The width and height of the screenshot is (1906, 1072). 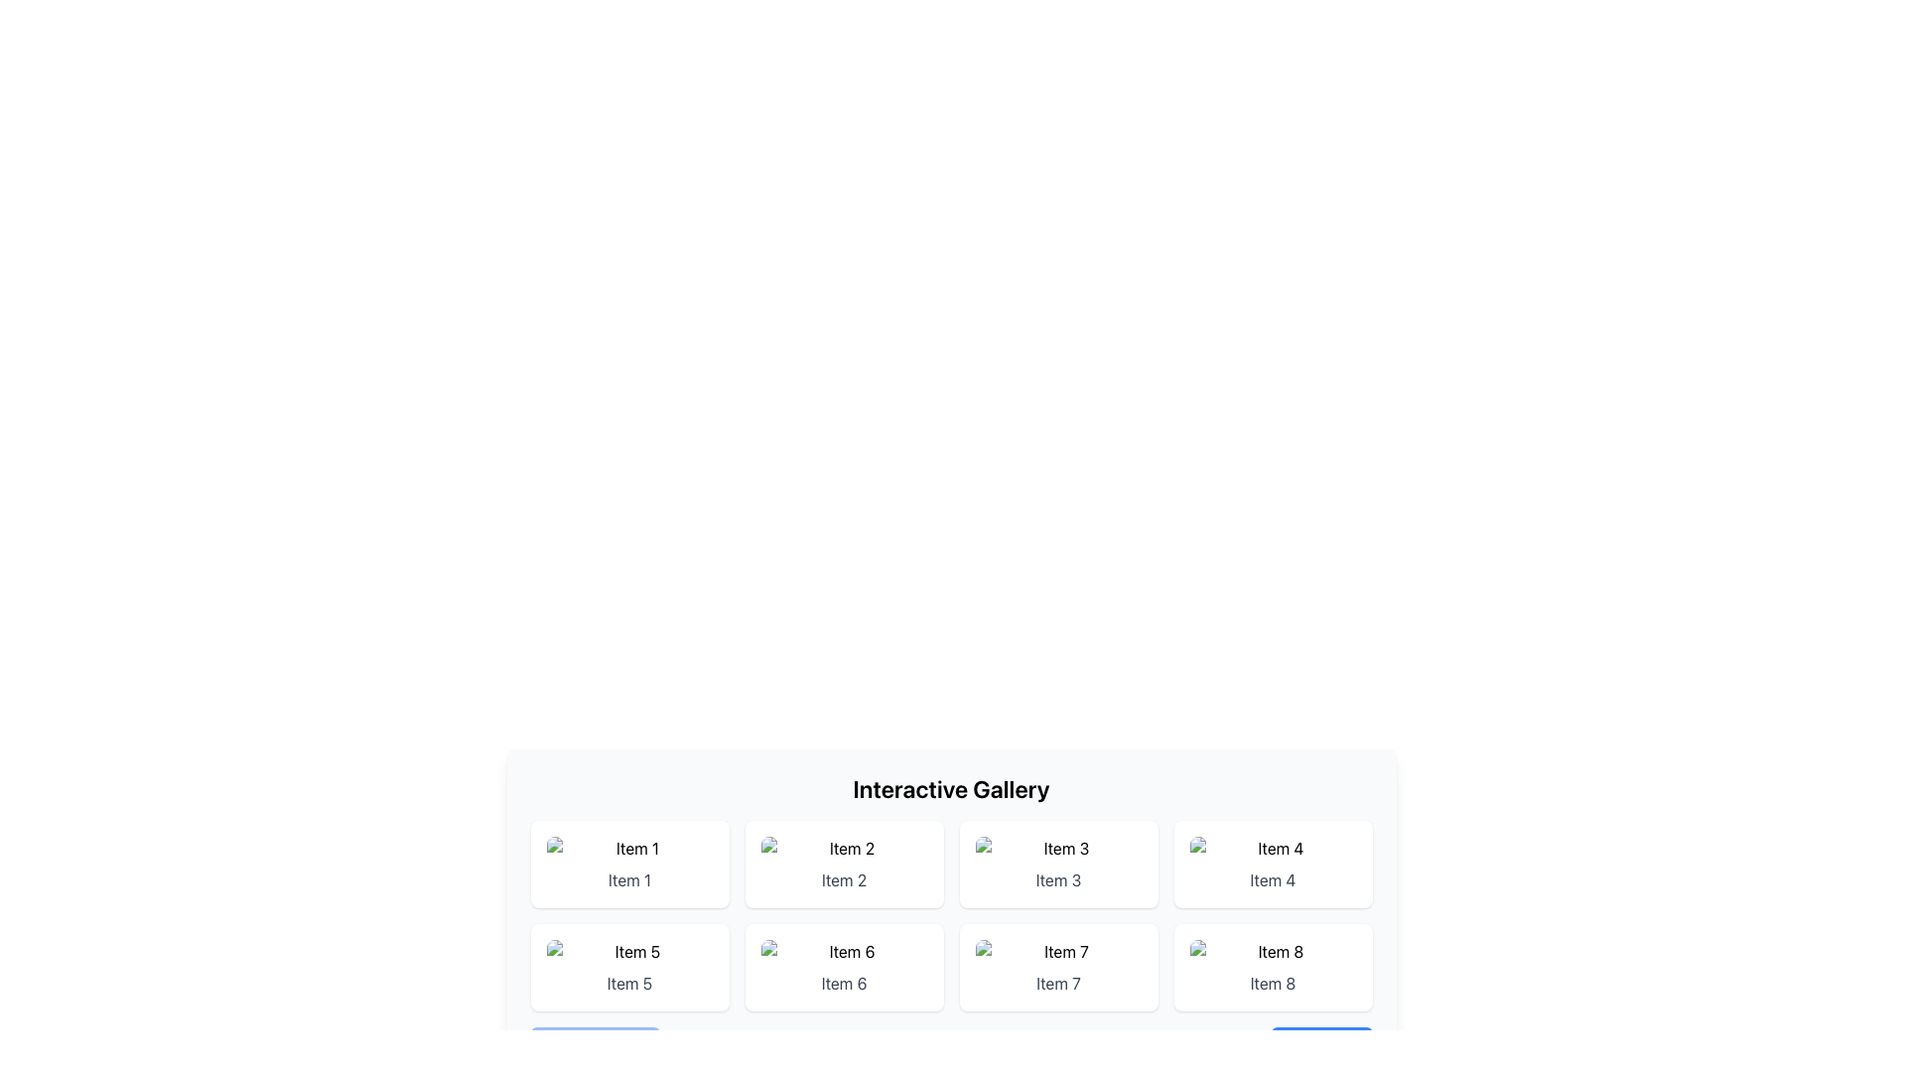 What do you see at coordinates (1273, 984) in the screenshot?
I see `the text label 'Item 8' styled in gray font located in the second card of the second row in the gallery grid, positioned below the image placeholder` at bounding box center [1273, 984].